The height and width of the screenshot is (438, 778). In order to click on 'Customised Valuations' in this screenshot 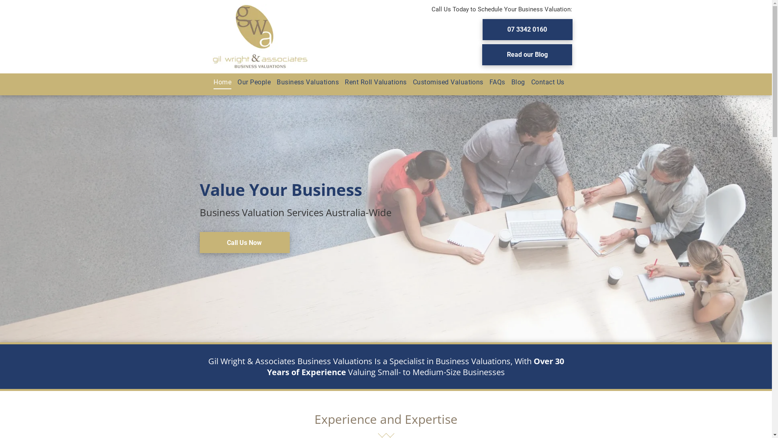, I will do `click(445, 82)`.